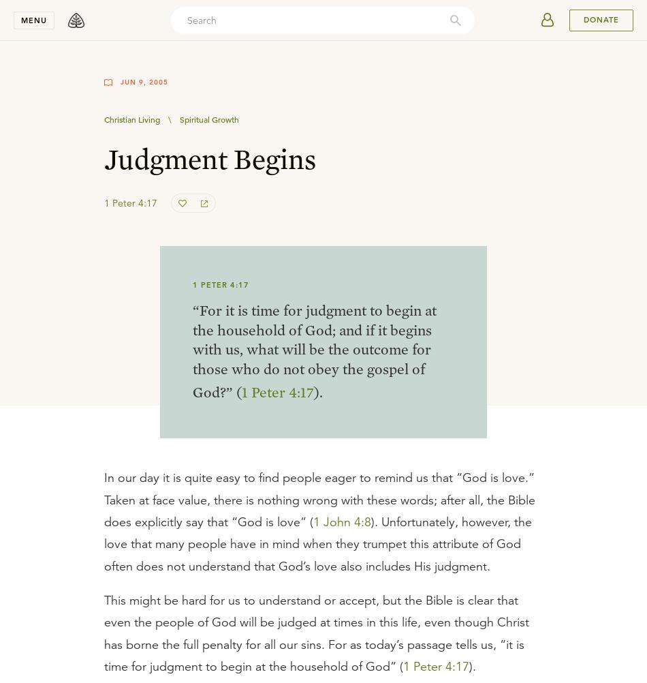 The height and width of the screenshot is (683, 647). What do you see at coordinates (208, 119) in the screenshot?
I see `'Spiritual Growth'` at bounding box center [208, 119].